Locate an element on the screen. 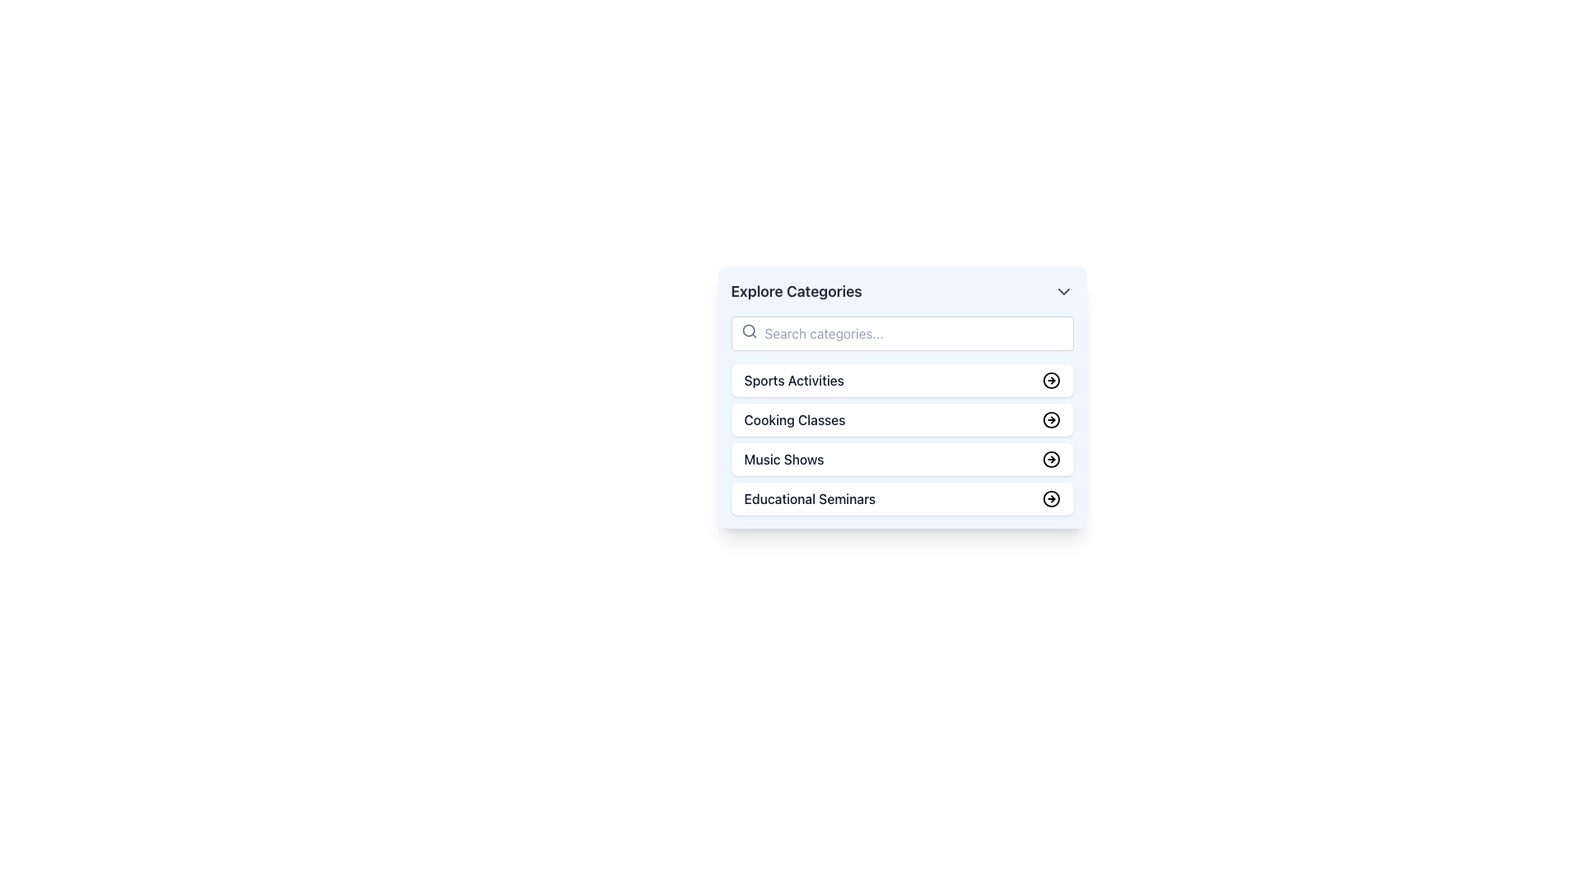  the light blue circular arrow icon is located at coordinates (1050, 460).